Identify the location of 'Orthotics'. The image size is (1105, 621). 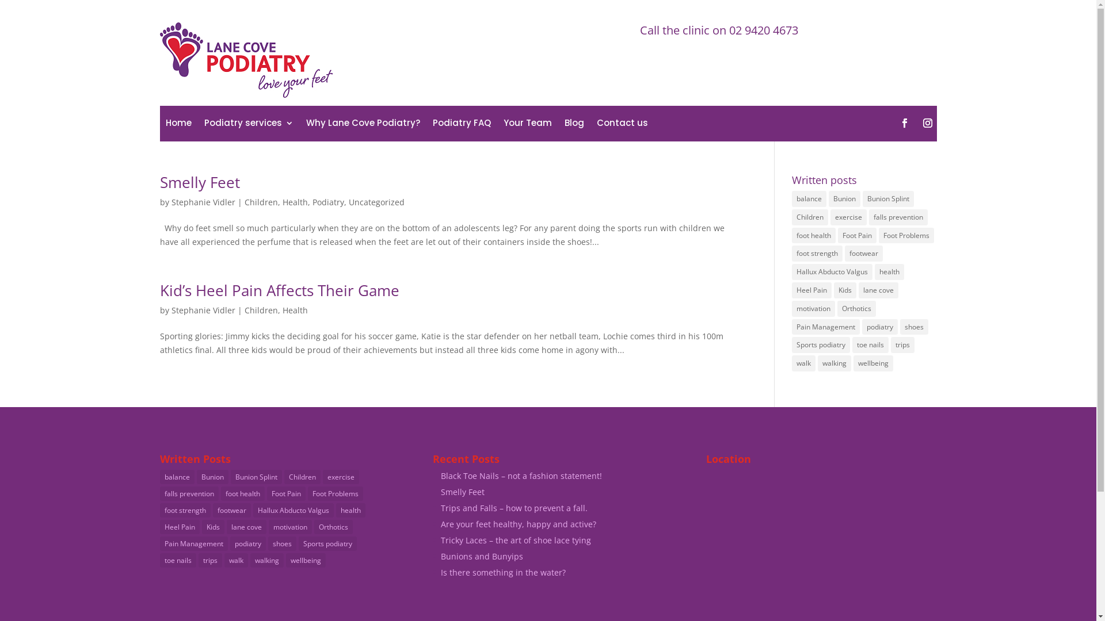
(856, 308).